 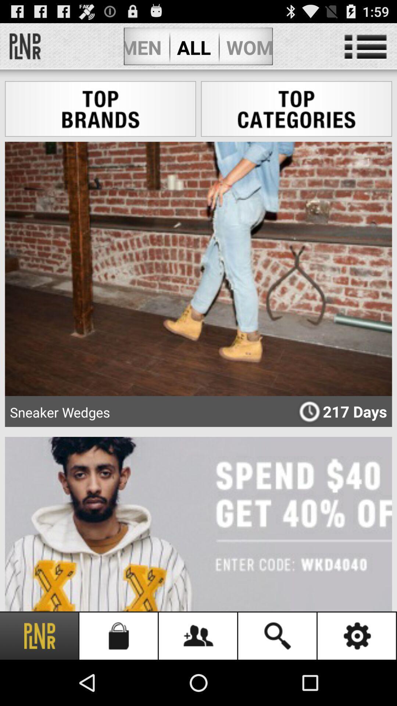 What do you see at coordinates (365, 47) in the screenshot?
I see `options on the top right` at bounding box center [365, 47].